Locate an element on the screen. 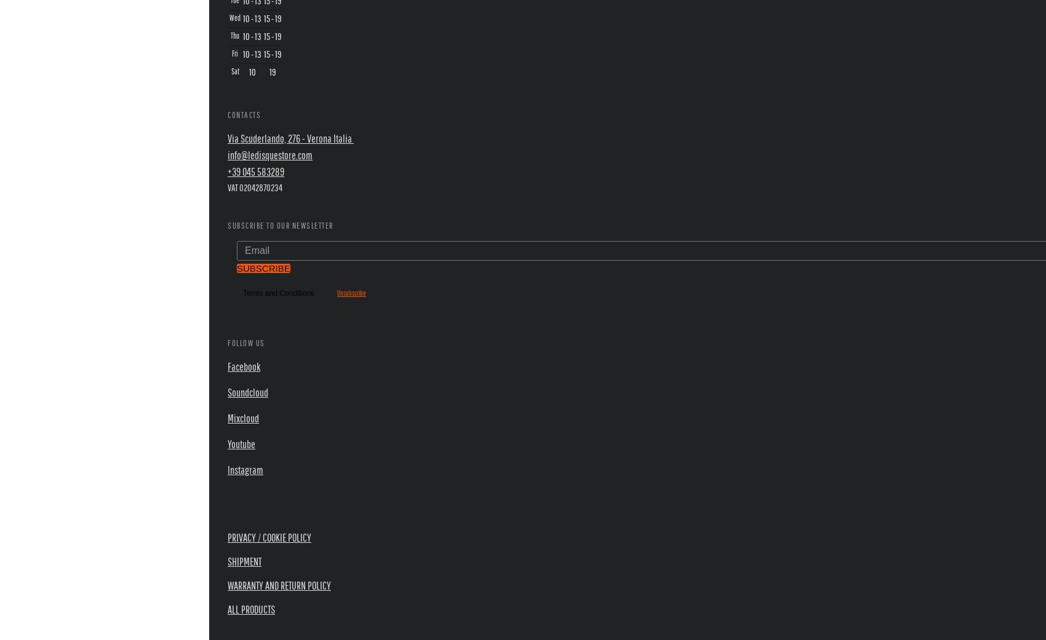 Image resolution: width=1046 pixels, height=640 pixels. 'Shipment' is located at coordinates (244, 561).